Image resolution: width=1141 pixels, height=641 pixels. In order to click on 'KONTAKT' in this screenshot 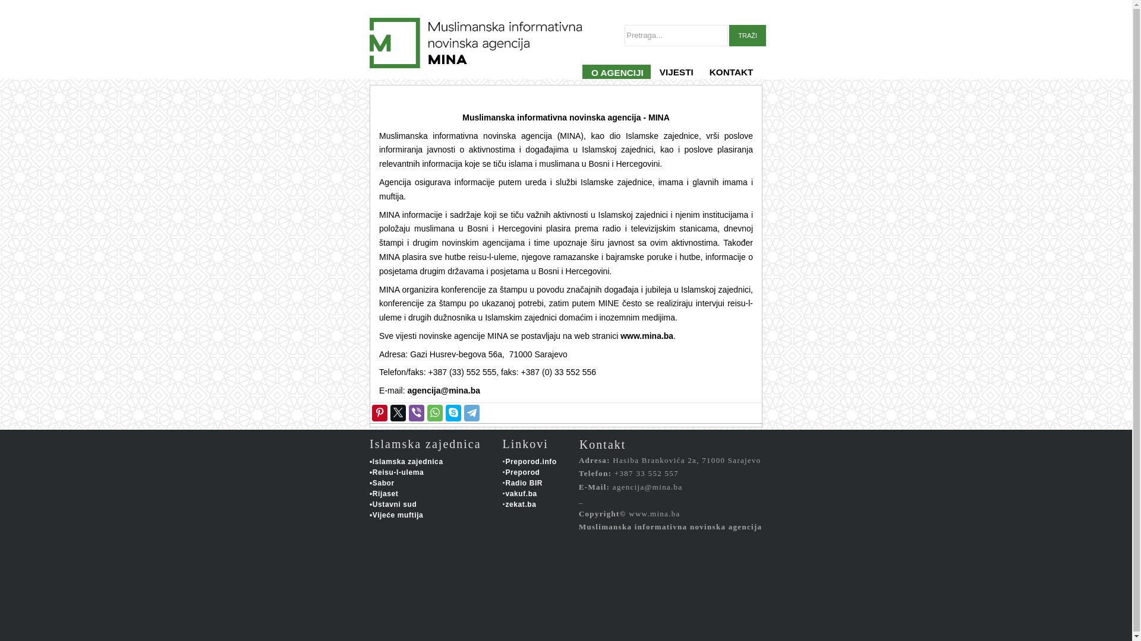, I will do `click(701, 79)`.